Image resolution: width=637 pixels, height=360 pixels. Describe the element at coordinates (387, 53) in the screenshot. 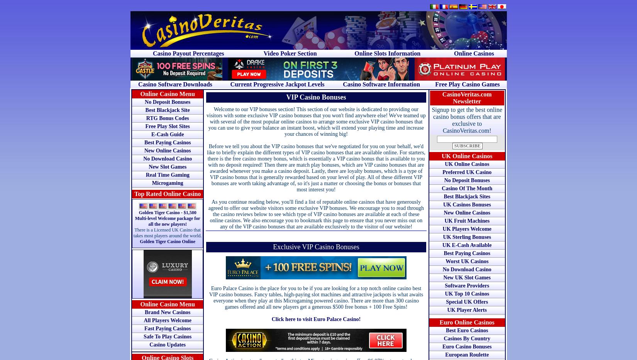

I see `'Online Slots Information'` at that location.